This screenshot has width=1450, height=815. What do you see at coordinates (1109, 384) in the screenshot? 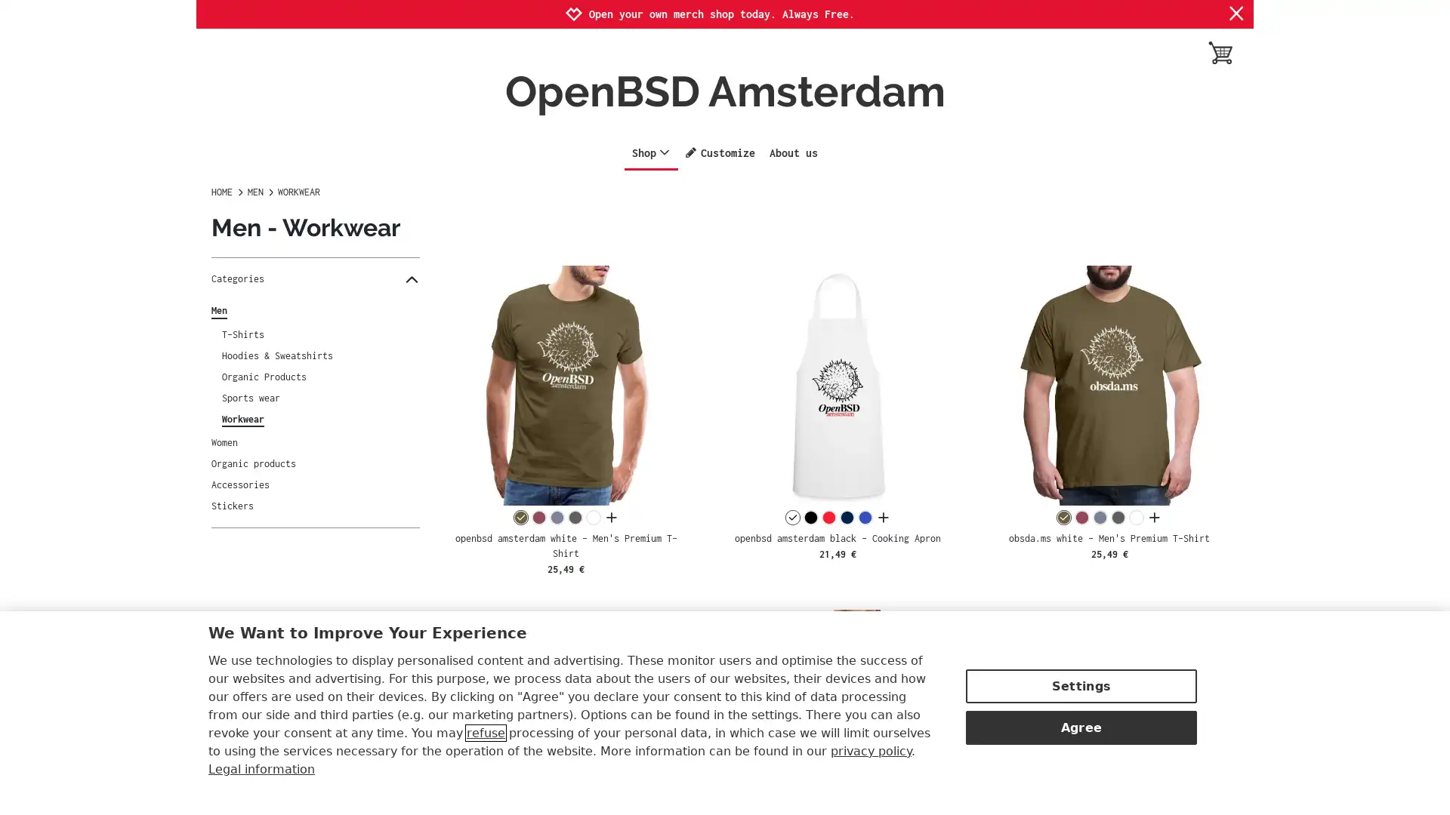
I see `obsda.ms white - Men's Premium T-Shirt` at bounding box center [1109, 384].